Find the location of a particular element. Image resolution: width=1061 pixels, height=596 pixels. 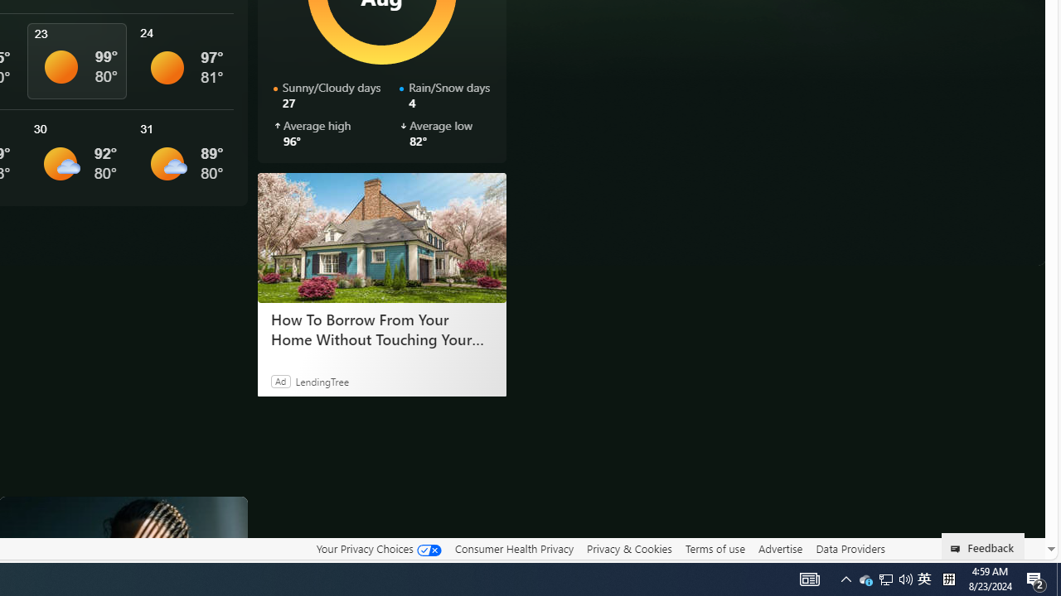

'Data Providers' is located at coordinates (850, 549).